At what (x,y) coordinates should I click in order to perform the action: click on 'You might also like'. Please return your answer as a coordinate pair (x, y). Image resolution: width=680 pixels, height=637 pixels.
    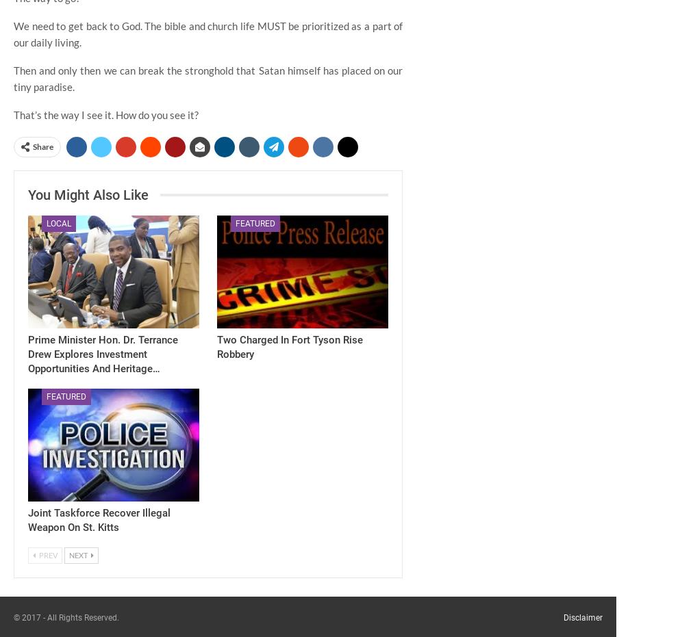
    Looking at the image, I should click on (28, 193).